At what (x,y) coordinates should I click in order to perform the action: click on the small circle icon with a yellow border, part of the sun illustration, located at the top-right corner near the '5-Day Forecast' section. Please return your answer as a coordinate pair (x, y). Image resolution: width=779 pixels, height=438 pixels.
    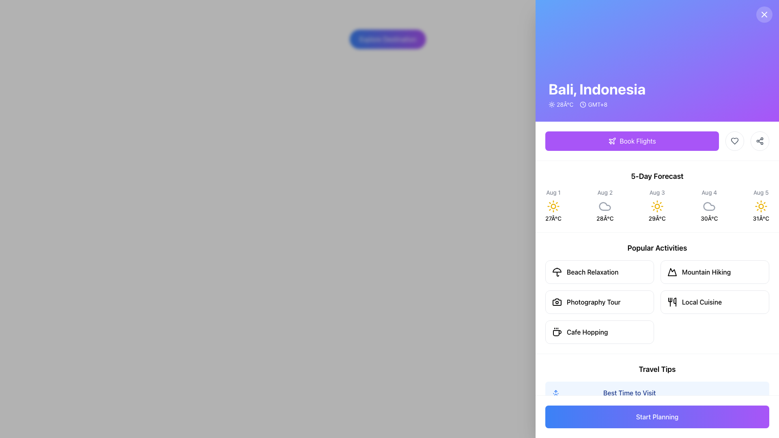
    Looking at the image, I should click on (760, 206).